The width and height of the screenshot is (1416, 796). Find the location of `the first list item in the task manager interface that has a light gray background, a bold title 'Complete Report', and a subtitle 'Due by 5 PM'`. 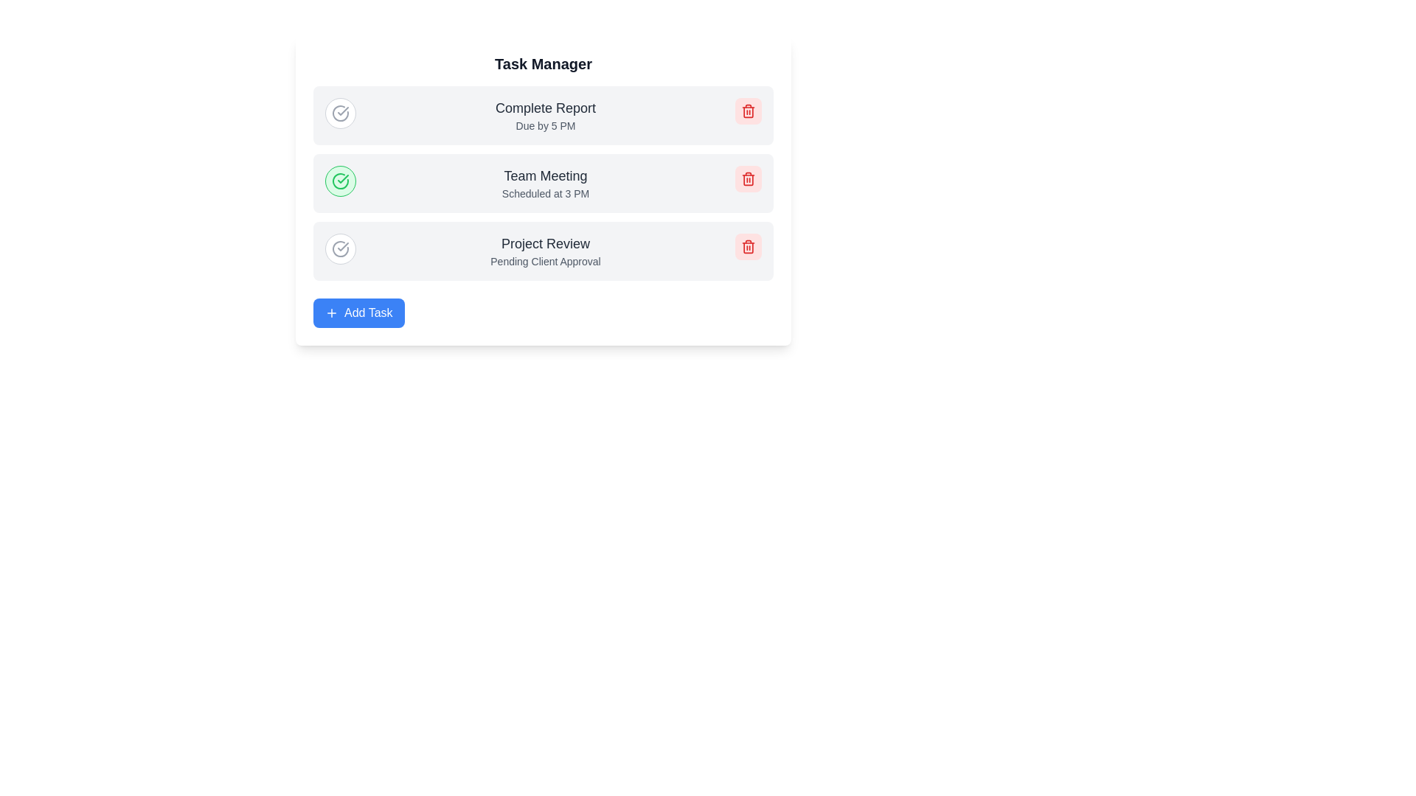

the first list item in the task manager interface that has a light gray background, a bold title 'Complete Report', and a subtitle 'Due by 5 PM' is located at coordinates (543, 115).